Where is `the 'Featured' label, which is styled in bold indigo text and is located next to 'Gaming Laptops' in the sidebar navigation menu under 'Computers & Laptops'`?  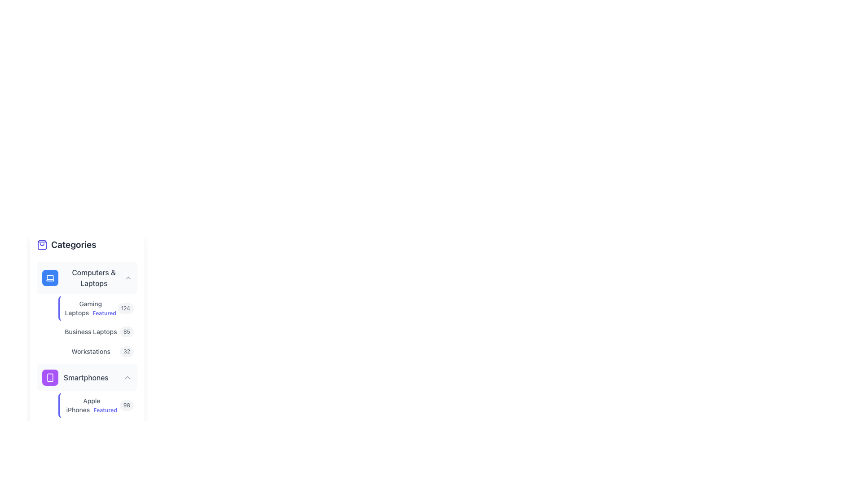 the 'Featured' label, which is styled in bold indigo text and is located next to 'Gaming Laptops' in the sidebar navigation menu under 'Computers & Laptops' is located at coordinates (104, 313).